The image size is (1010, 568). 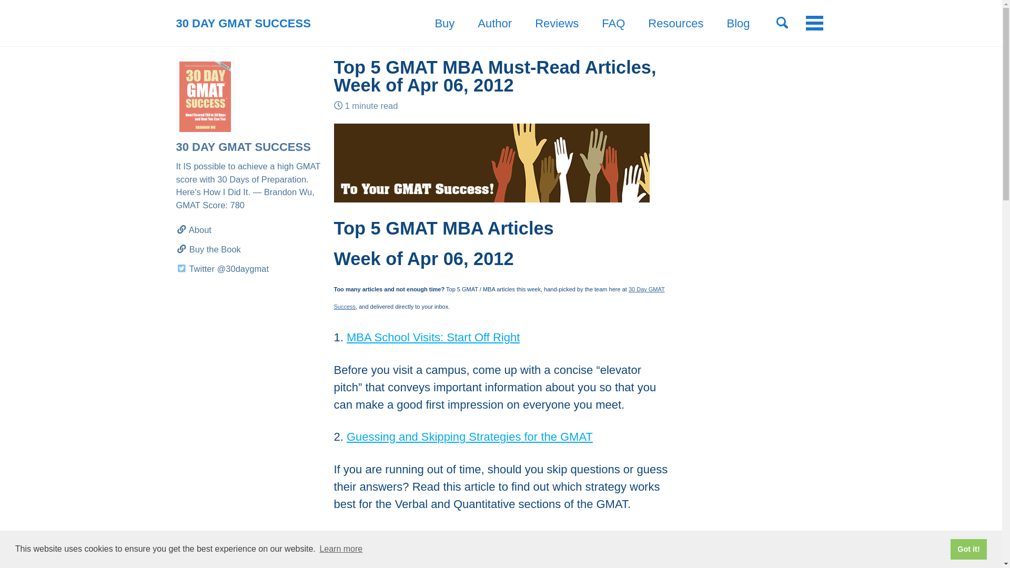 What do you see at coordinates (494, 23) in the screenshot?
I see `'Author'` at bounding box center [494, 23].